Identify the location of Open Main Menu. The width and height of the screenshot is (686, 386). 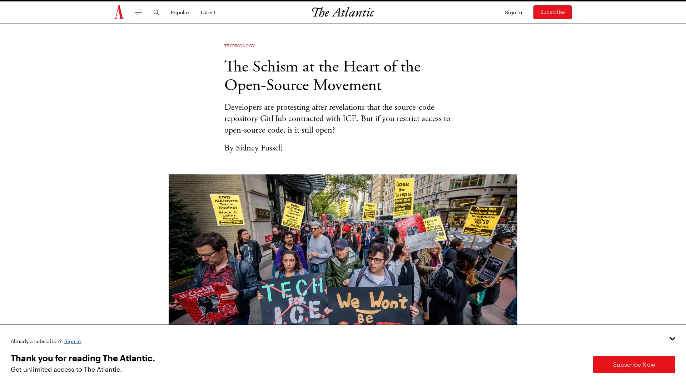
(139, 12).